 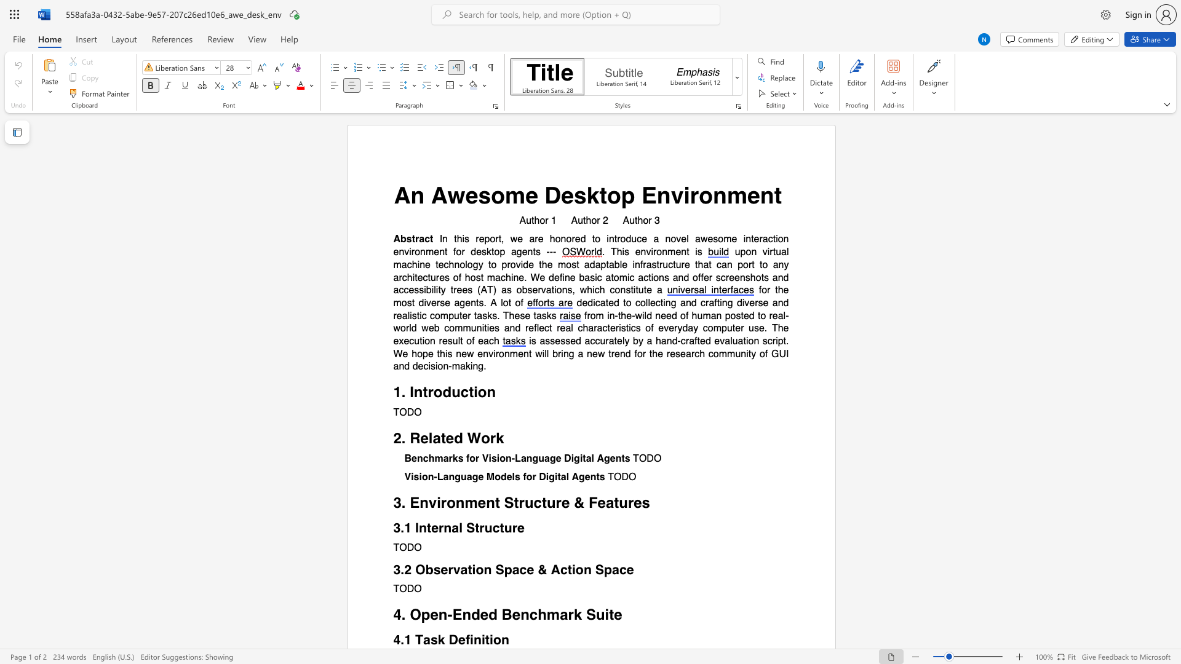 I want to click on the subset text "guage Digi" within the text "Benchmarks for Vision-Language Digital Agents", so click(x=532, y=459).